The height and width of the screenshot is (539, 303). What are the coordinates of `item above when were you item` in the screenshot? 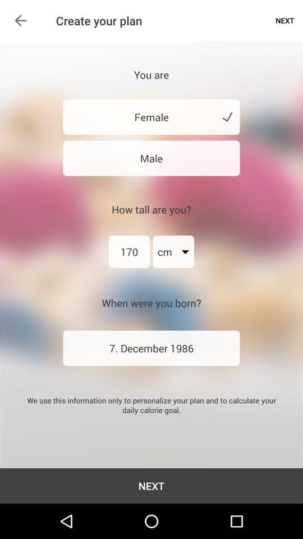 It's located at (128, 252).